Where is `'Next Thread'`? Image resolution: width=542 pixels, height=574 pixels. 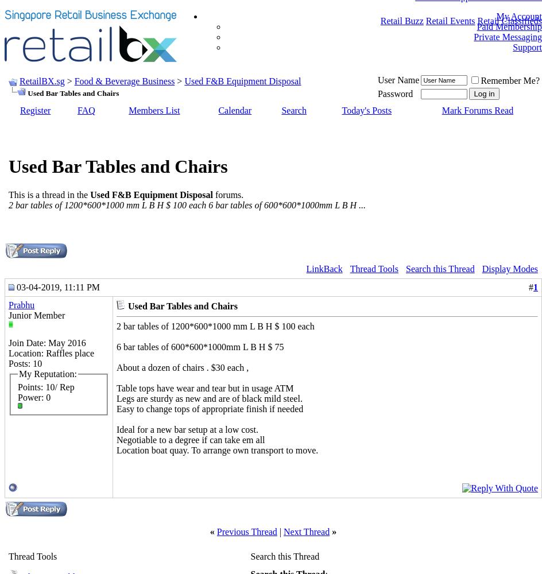
'Next Thread' is located at coordinates (306, 531).